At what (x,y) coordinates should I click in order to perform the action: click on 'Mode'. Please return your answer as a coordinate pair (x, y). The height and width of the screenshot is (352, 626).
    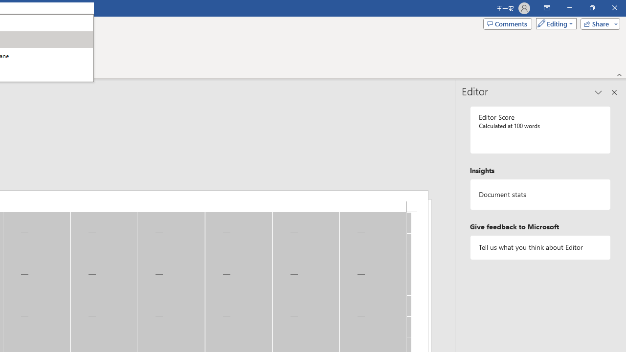
    Looking at the image, I should click on (554, 23).